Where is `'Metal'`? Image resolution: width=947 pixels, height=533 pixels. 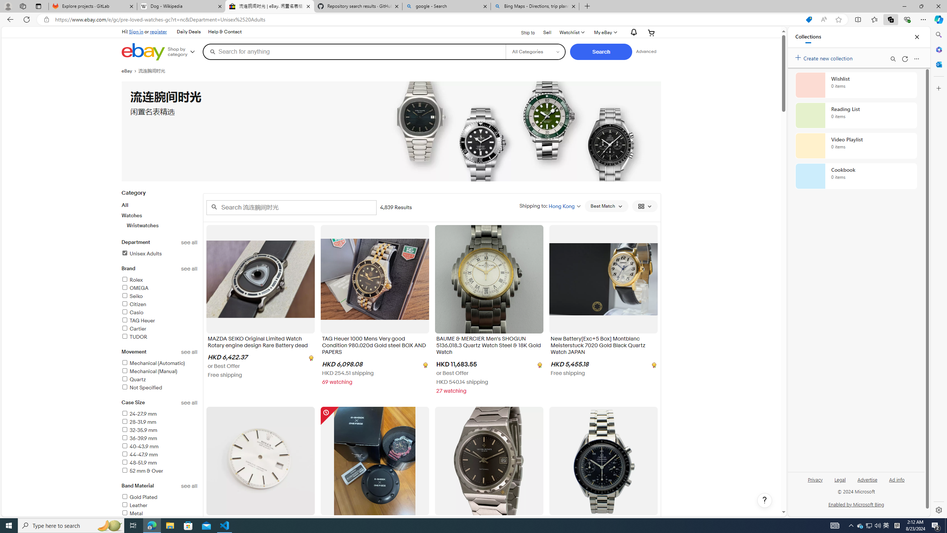
'Metal' is located at coordinates (159, 513).